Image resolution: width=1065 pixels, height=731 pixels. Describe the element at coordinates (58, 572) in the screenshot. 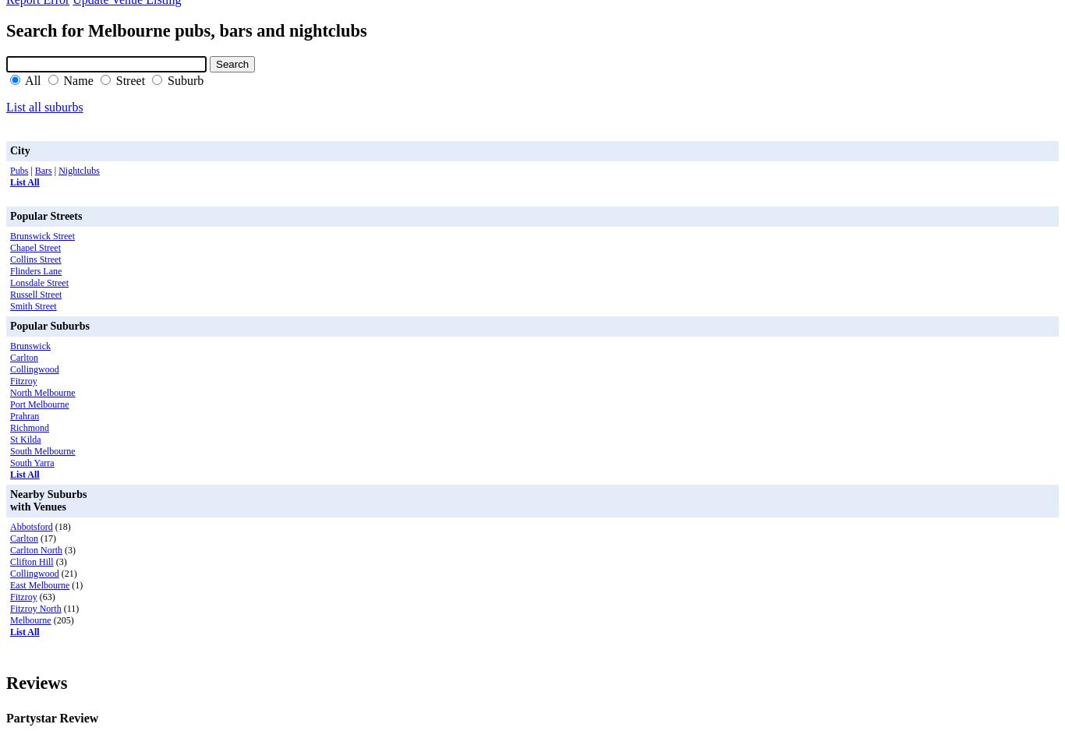

I see `'(21)'` at that location.